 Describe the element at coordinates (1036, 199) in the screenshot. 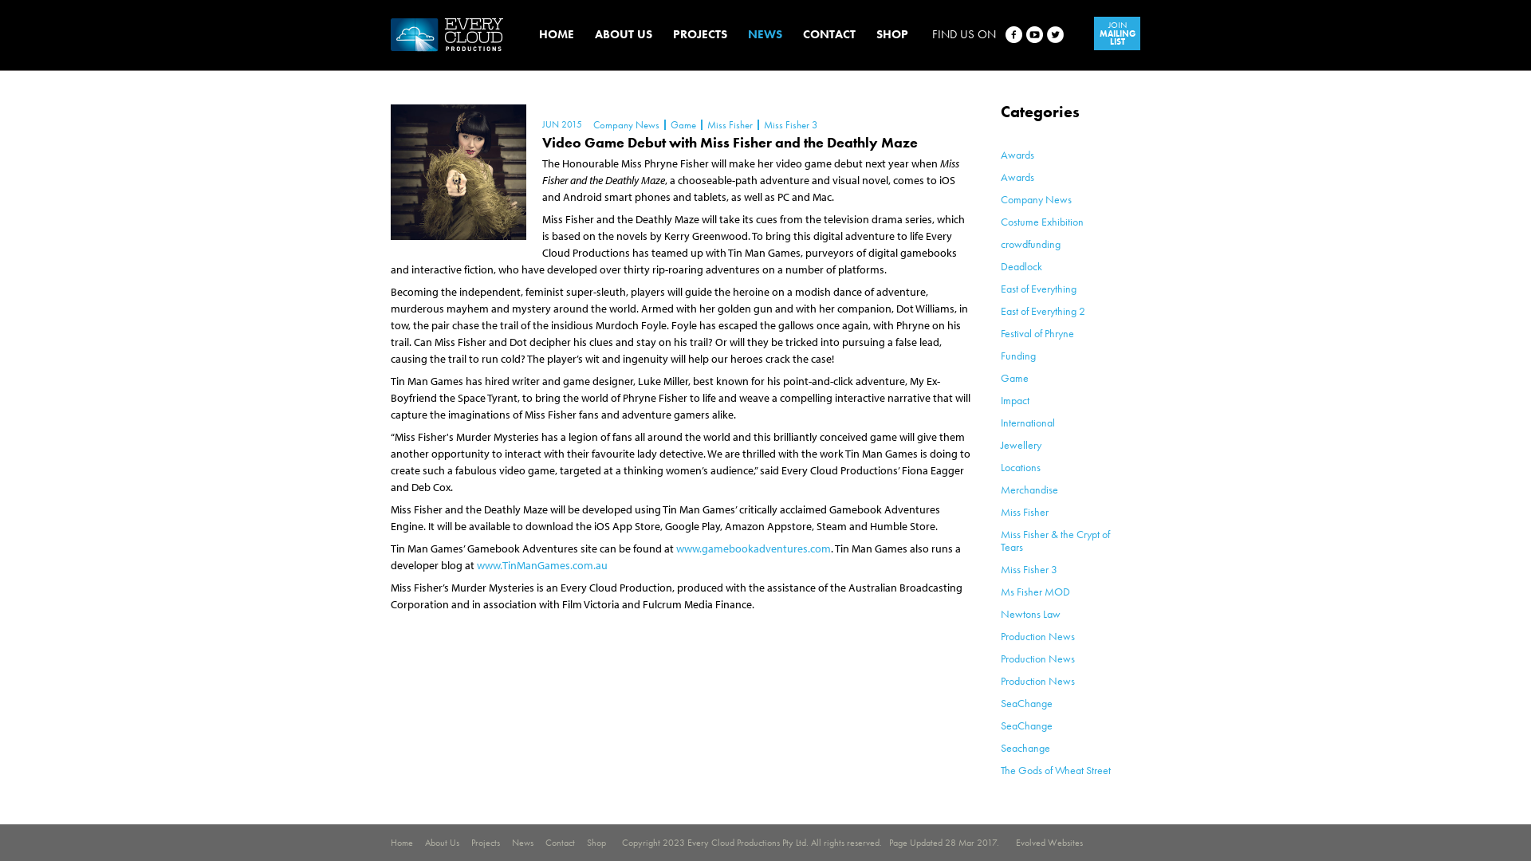

I see `'Company News'` at that location.